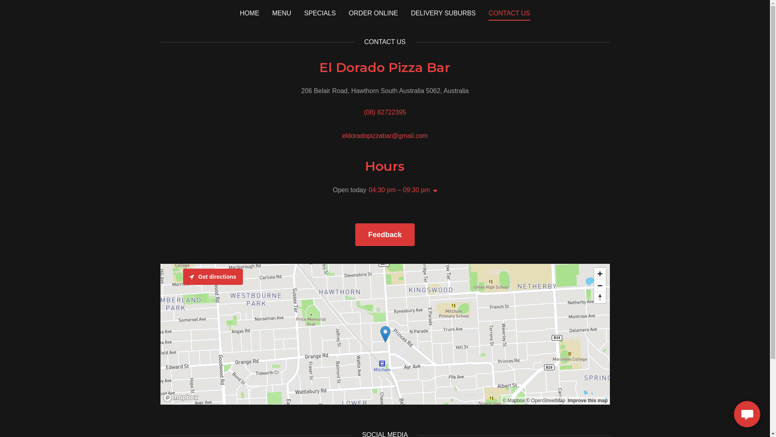 This screenshot has height=437, width=776. Describe the element at coordinates (409, 13) in the screenshot. I see `'DELIVERY SUBURBS'` at that location.